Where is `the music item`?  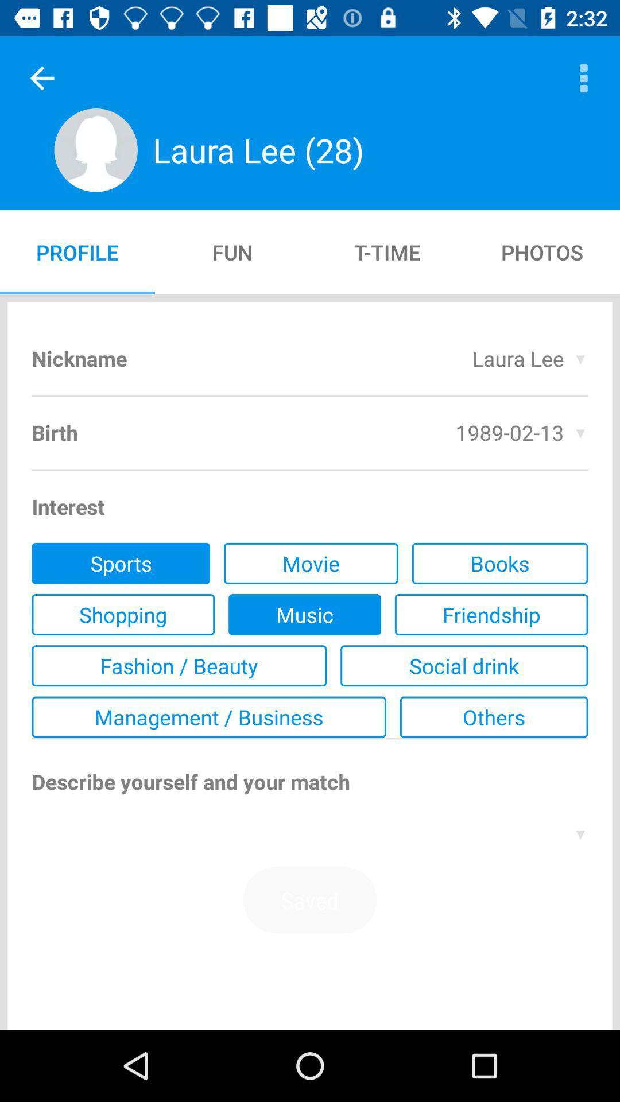
the music item is located at coordinates (304, 614).